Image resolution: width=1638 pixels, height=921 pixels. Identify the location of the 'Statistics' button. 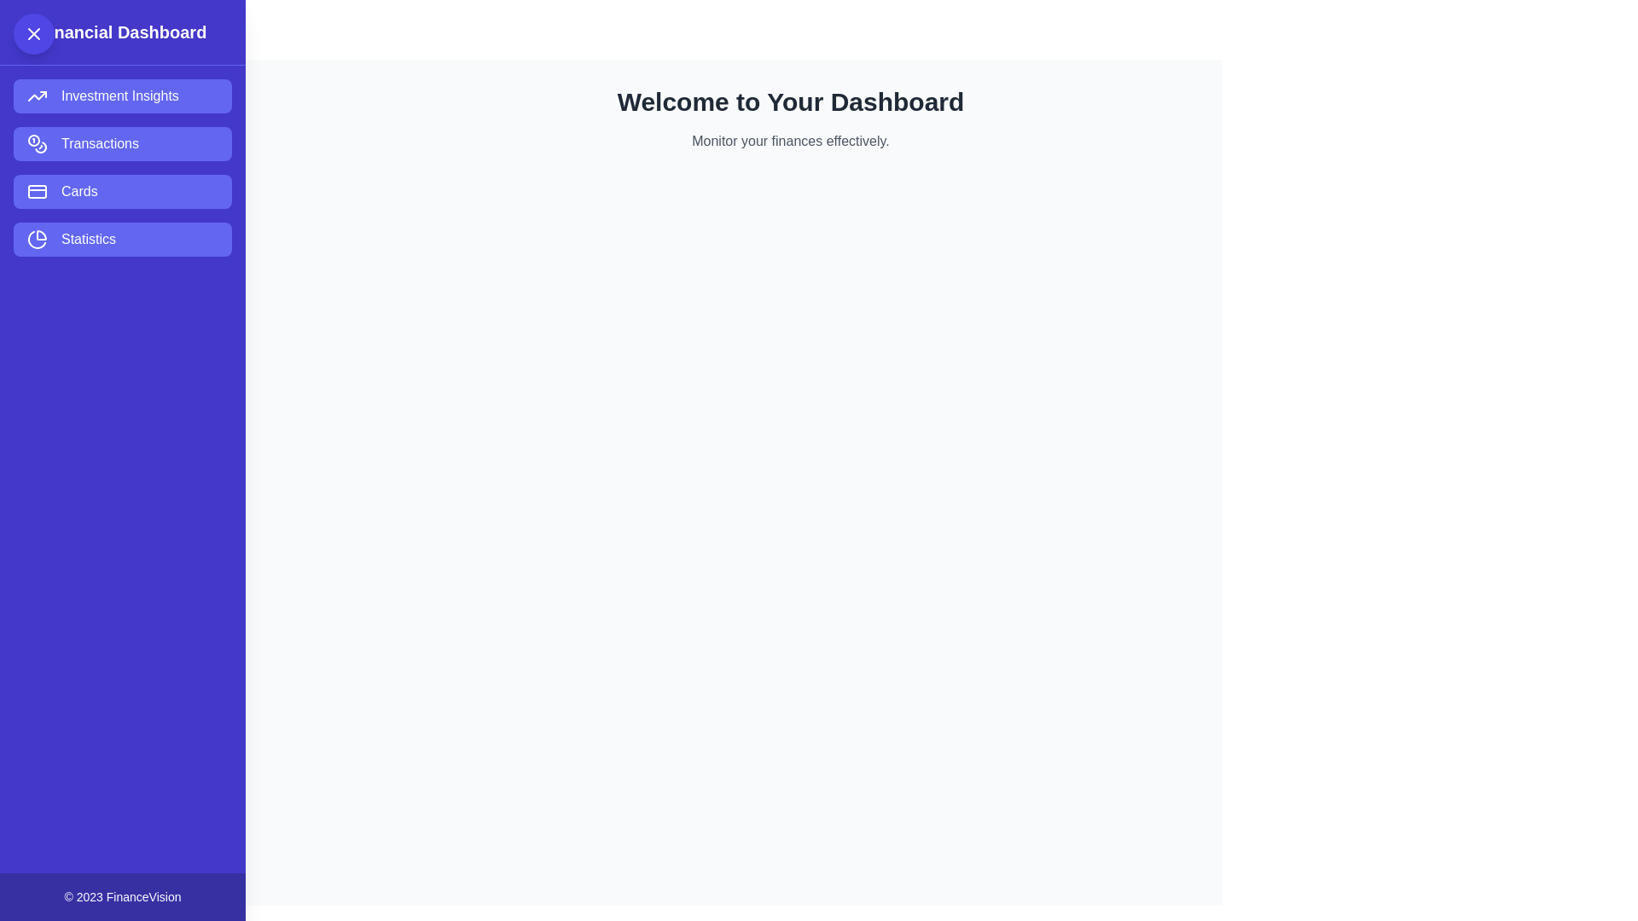
(122, 240).